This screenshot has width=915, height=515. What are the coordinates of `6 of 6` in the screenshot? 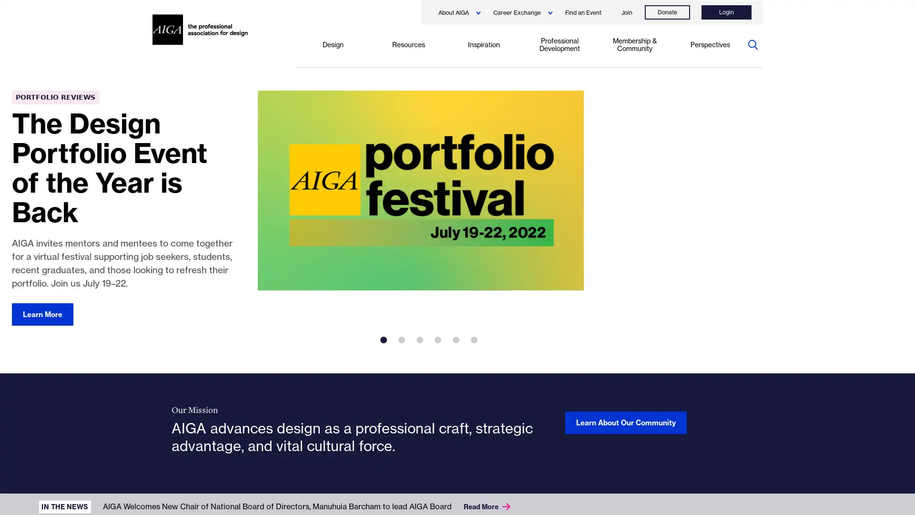 It's located at (474, 340).